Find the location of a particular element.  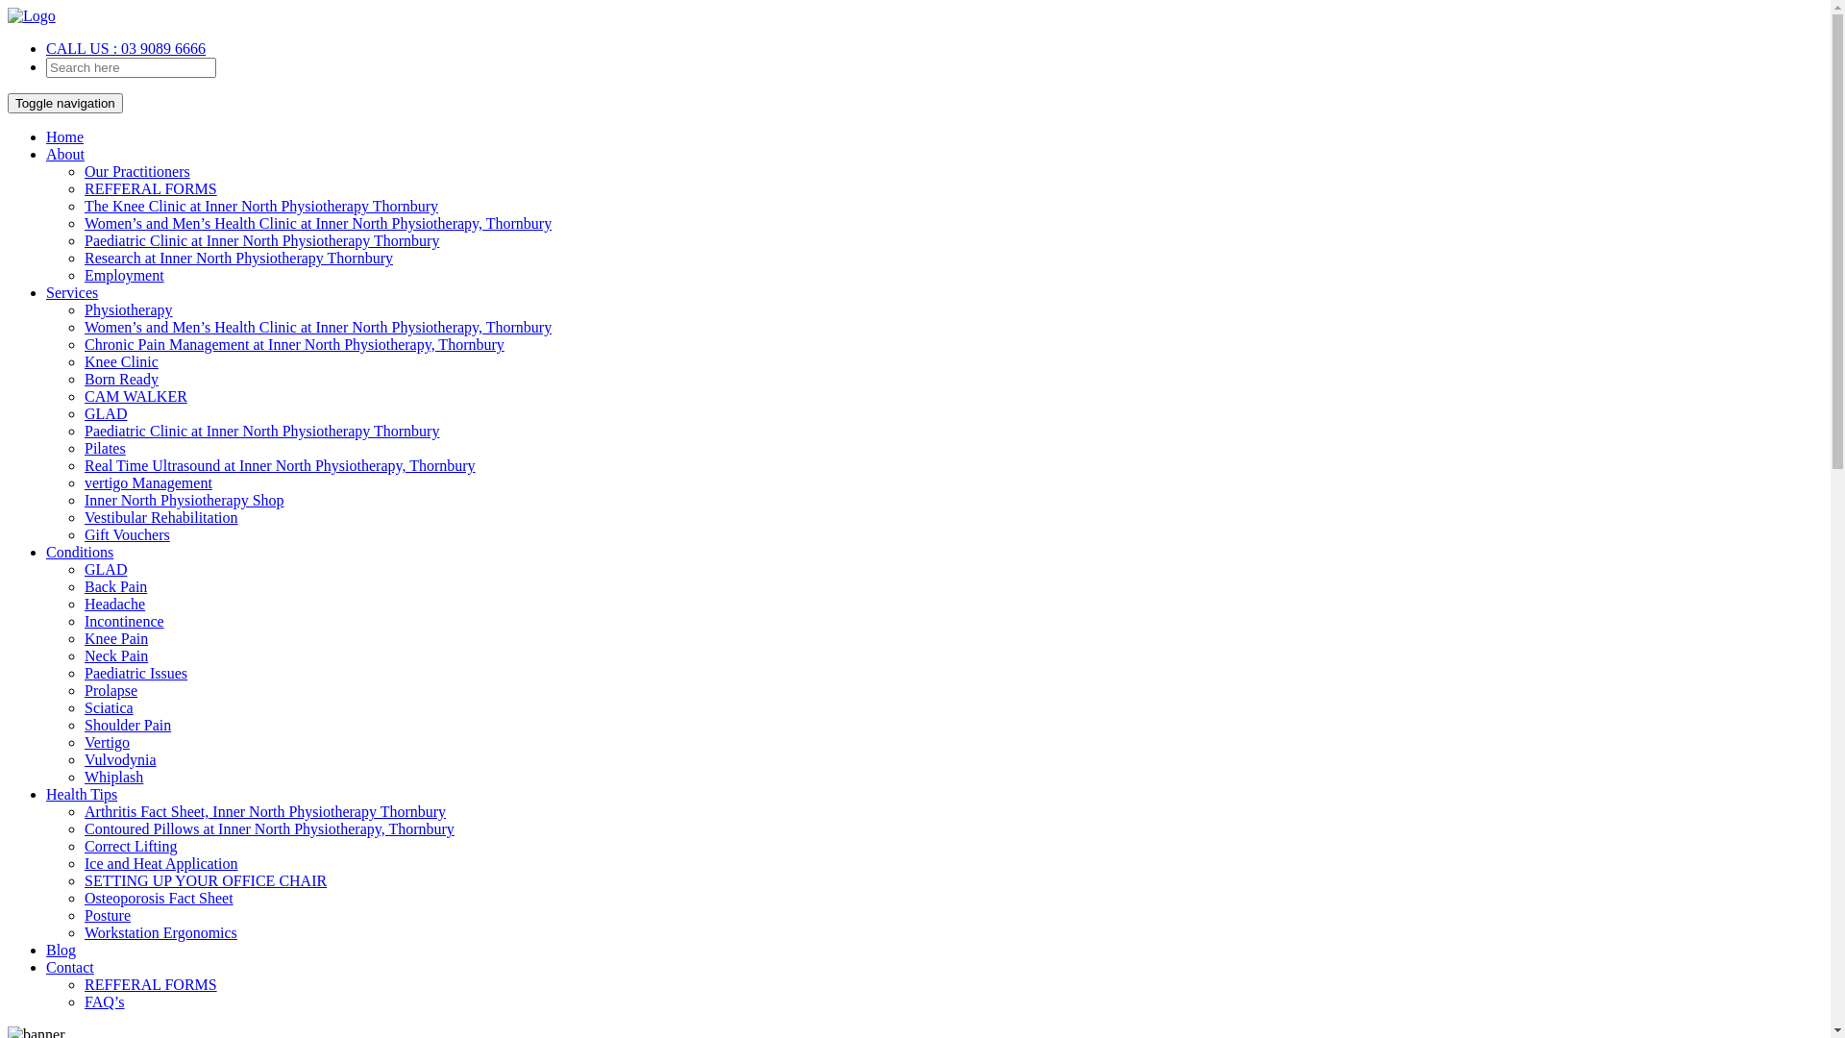

'Knee Pain' is located at coordinates (114, 638).